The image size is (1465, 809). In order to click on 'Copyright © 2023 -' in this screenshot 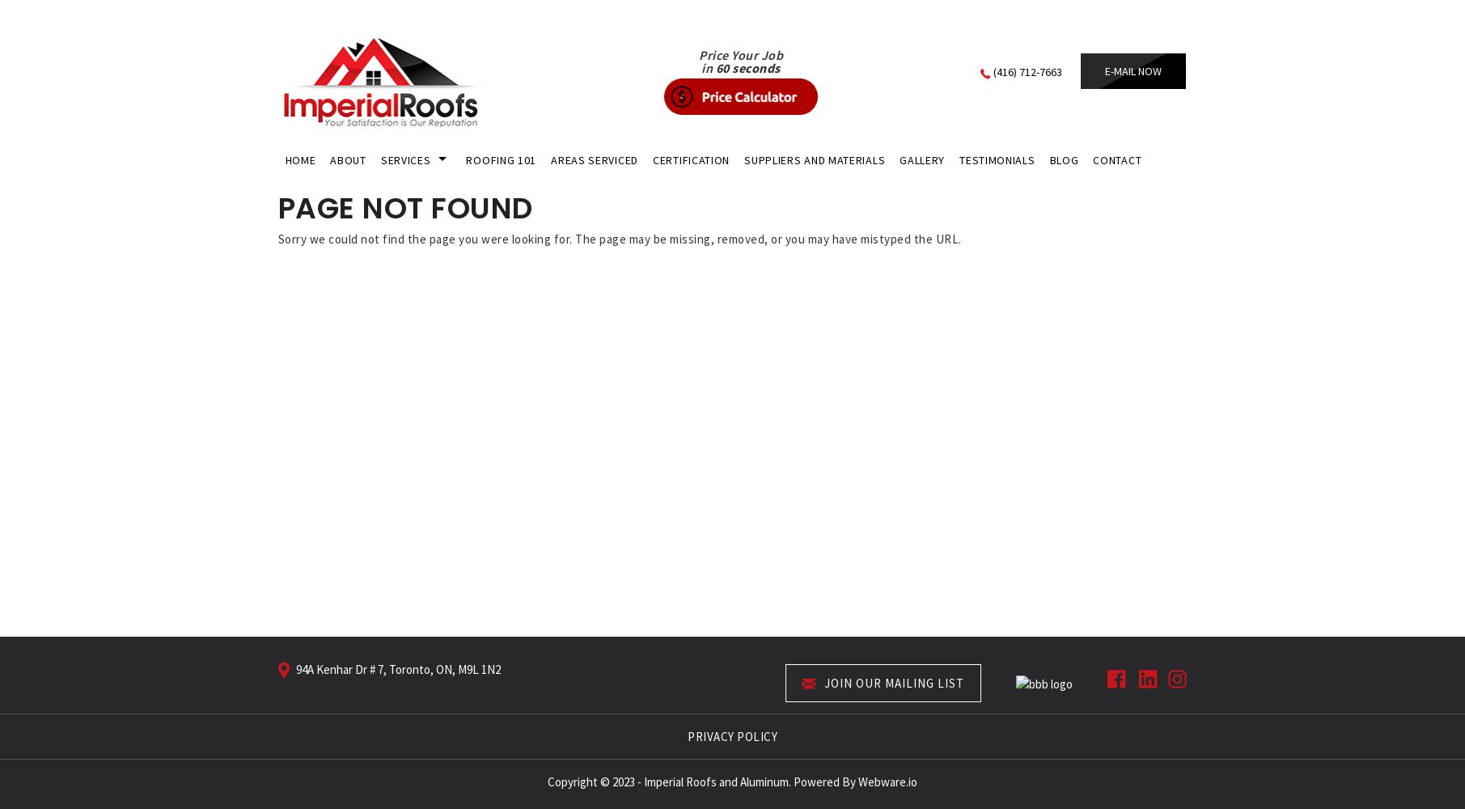, I will do `click(595, 780)`.